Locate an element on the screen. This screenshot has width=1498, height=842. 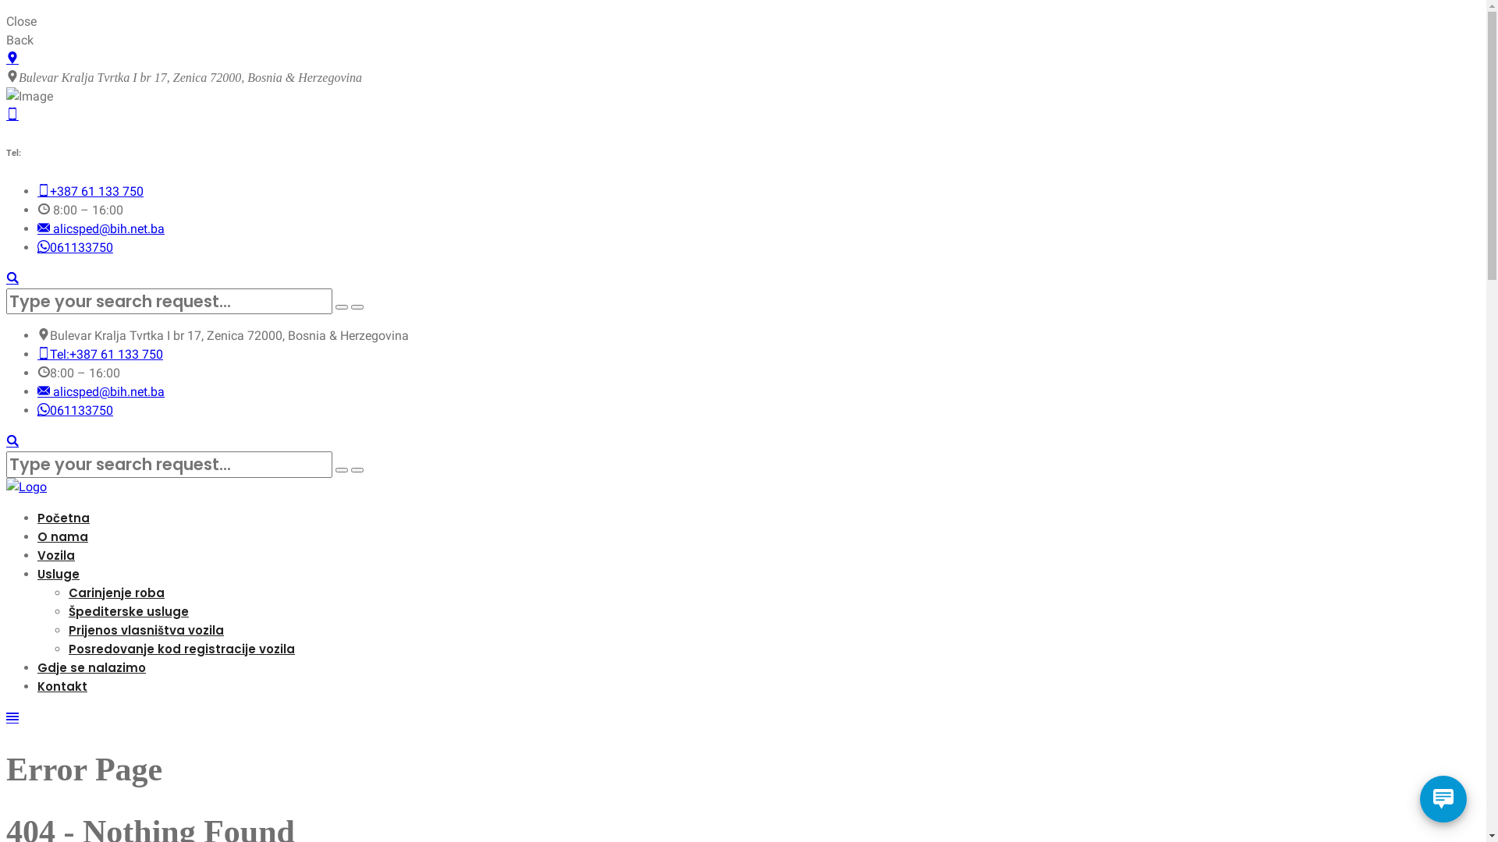
'alicsped@bih.net.ba' is located at coordinates (100, 228).